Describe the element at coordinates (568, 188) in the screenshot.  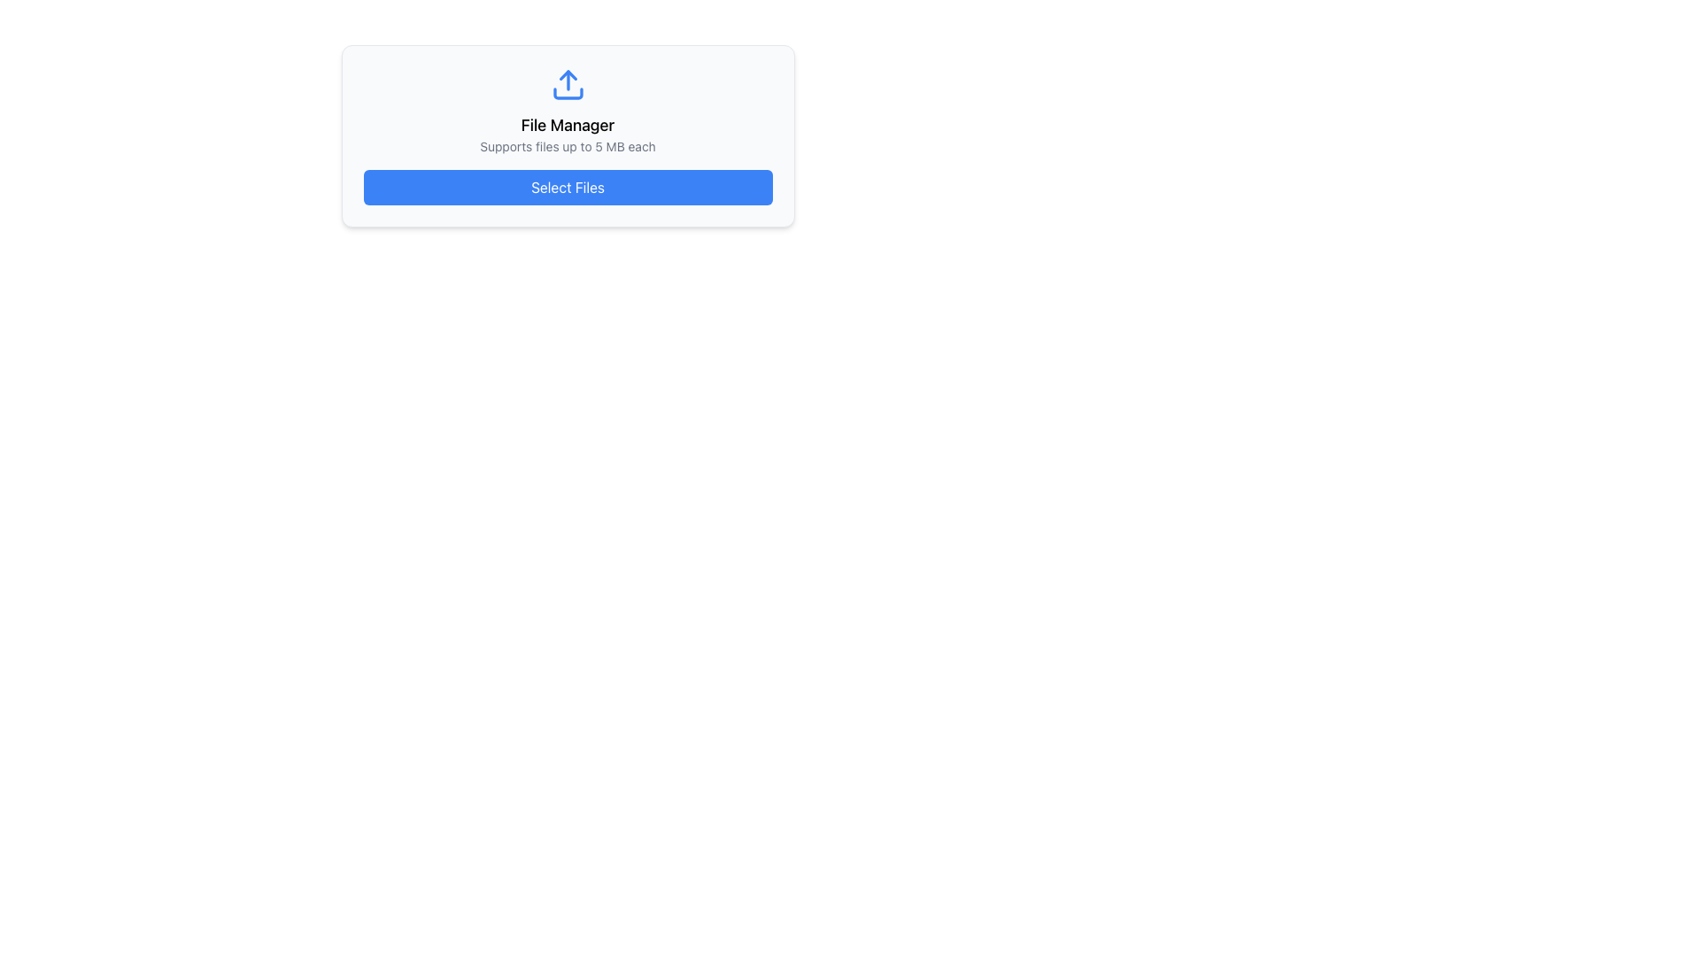
I see `the file selection button located at the bottom of the 'File Manager' box` at that location.